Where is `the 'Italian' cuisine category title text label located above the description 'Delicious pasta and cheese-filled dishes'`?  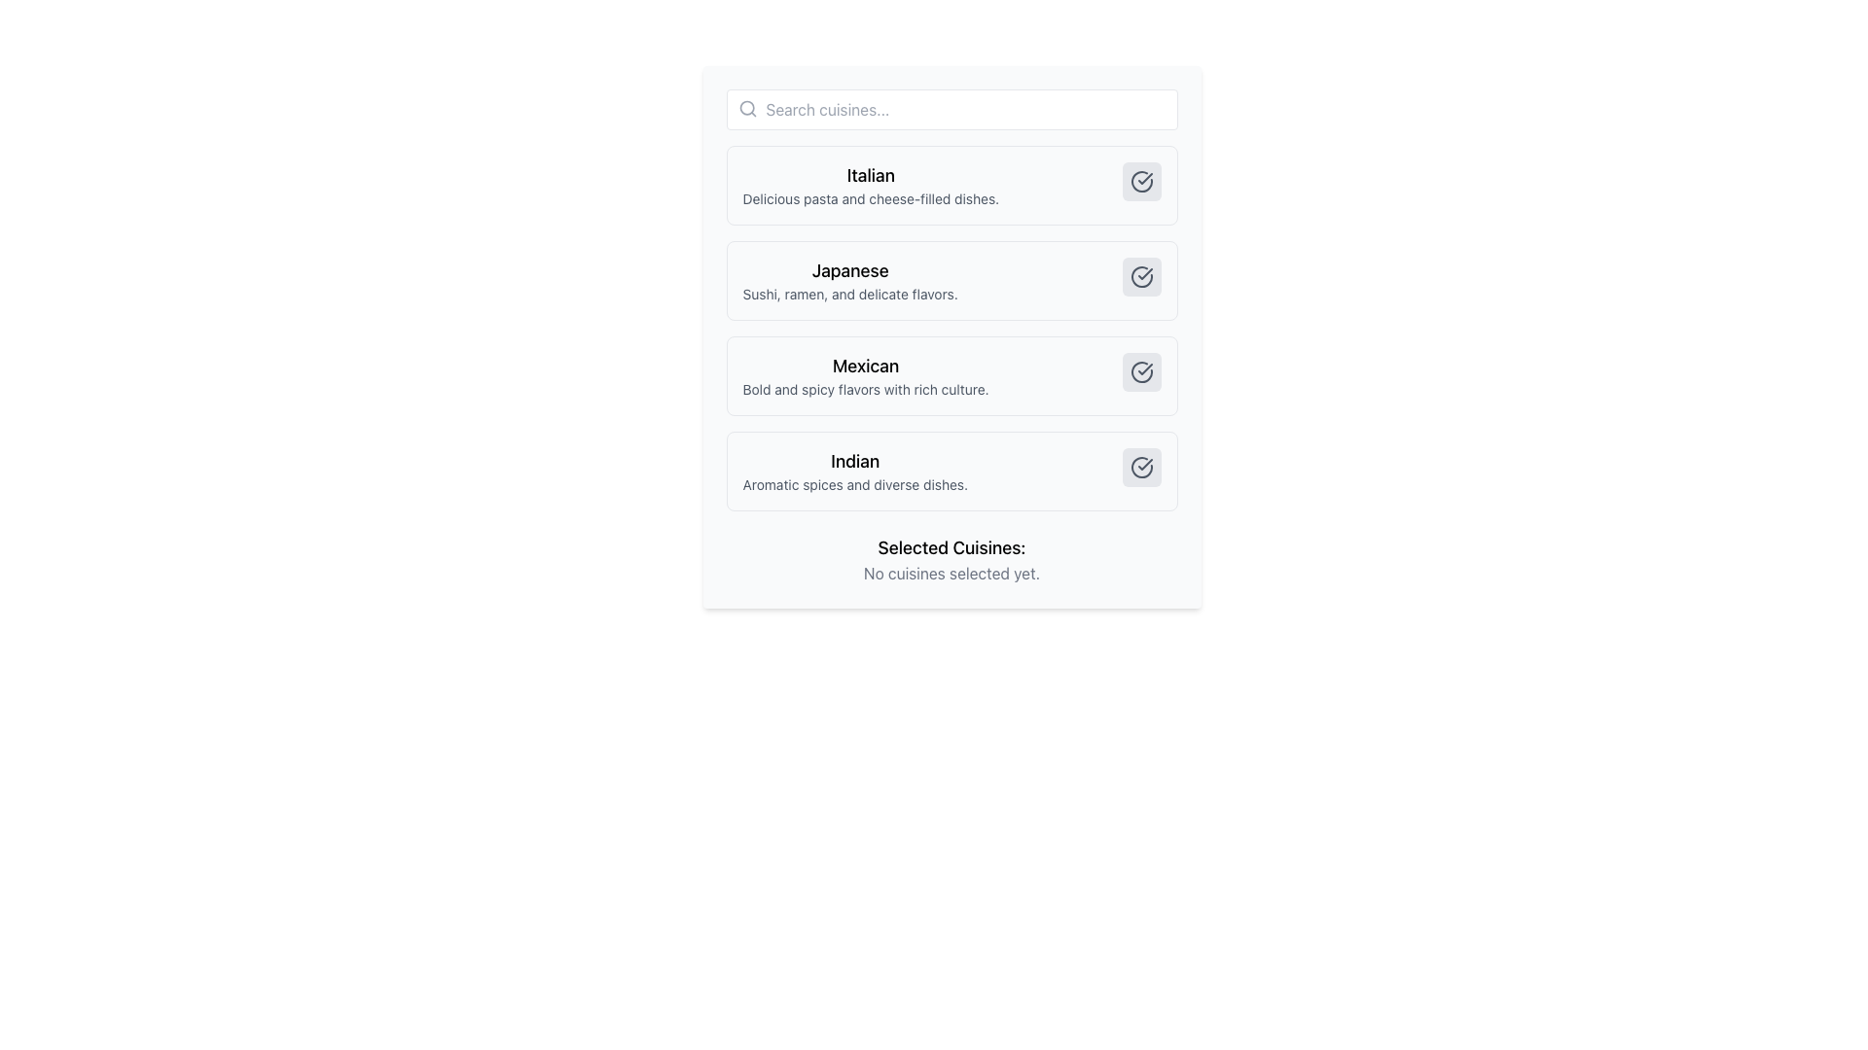
the 'Italian' cuisine category title text label located above the description 'Delicious pasta and cheese-filled dishes' is located at coordinates (870, 176).